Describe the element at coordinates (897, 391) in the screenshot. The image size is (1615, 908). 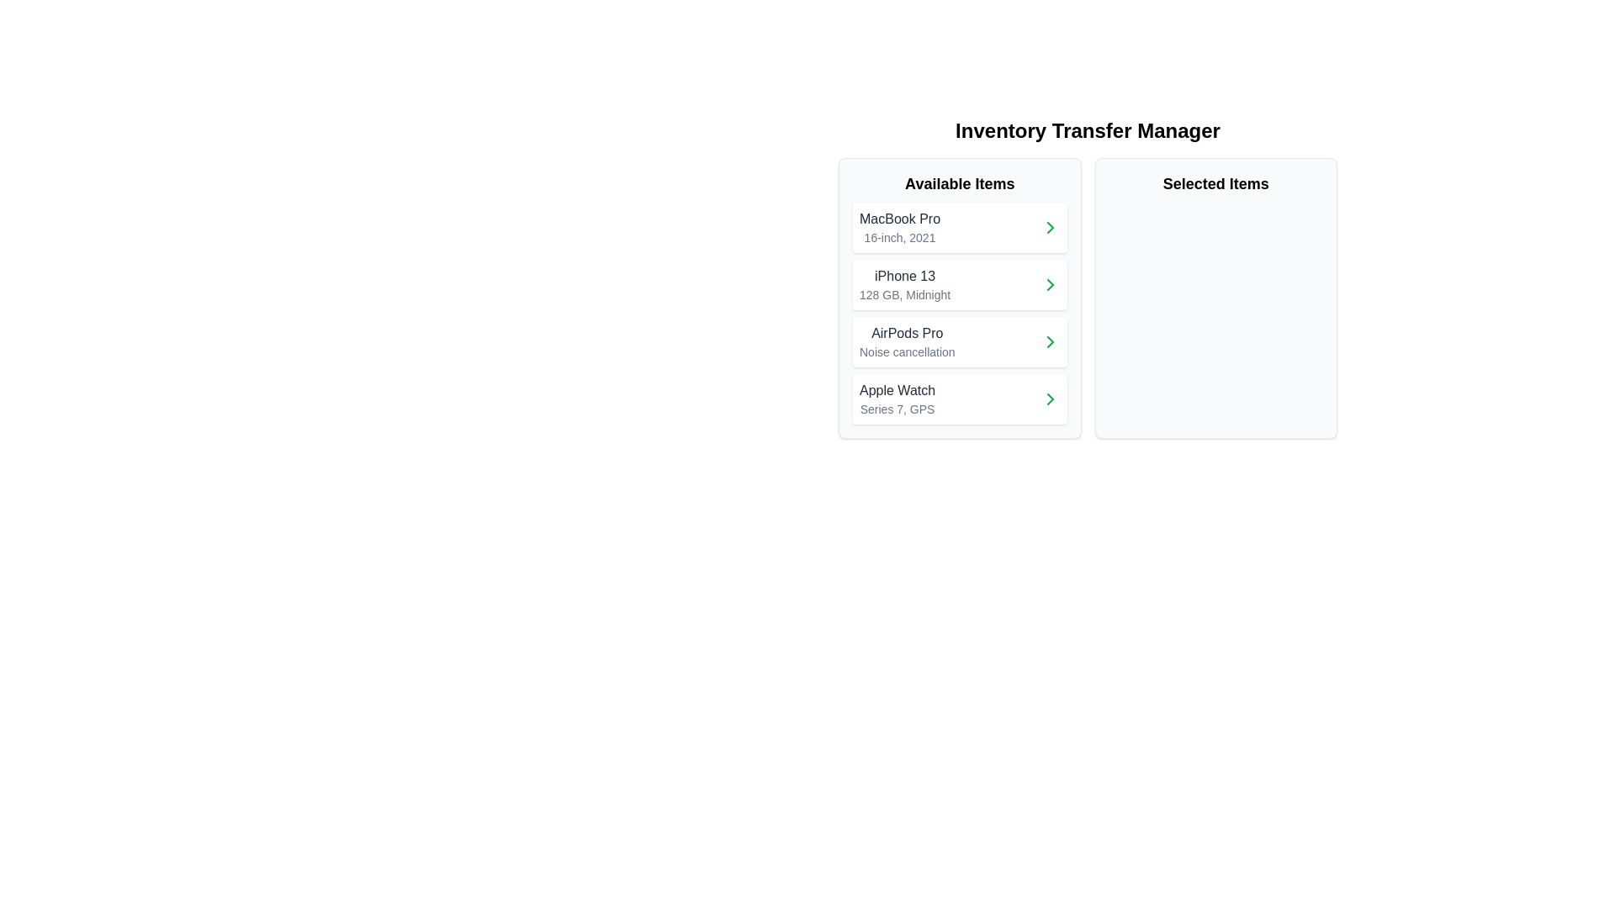
I see `the 'Apple Watch' text label in the fourth item of the 'Available Items' list on the left panel` at that location.